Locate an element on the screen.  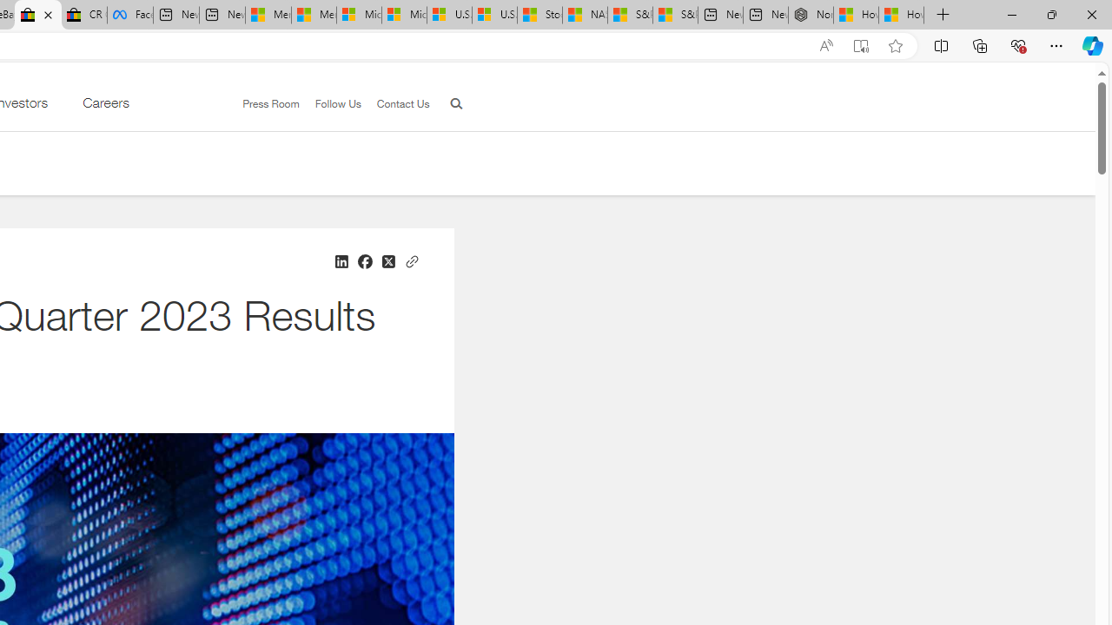
'Share on Facebook' is located at coordinates (363, 261).